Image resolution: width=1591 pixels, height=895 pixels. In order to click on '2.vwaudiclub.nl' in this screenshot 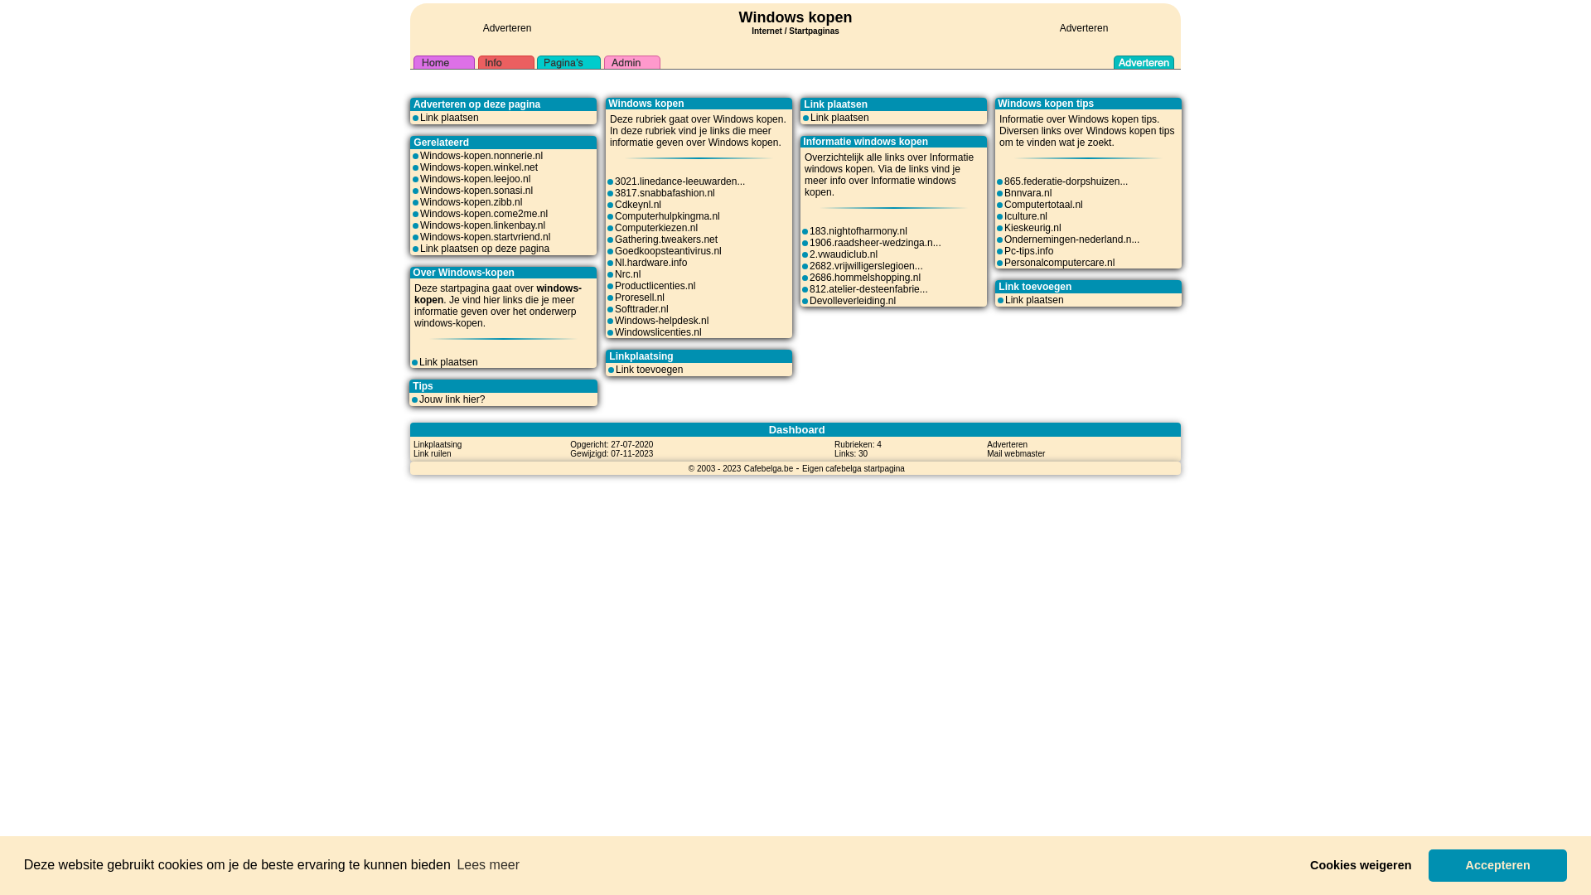, I will do `click(843, 254)`.